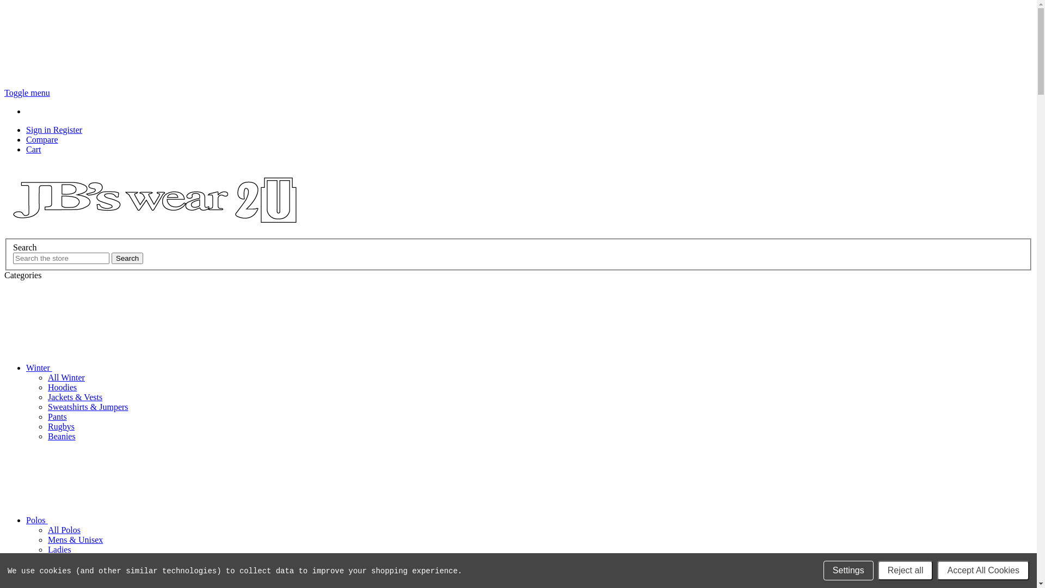 This screenshot has height=588, width=1045. What do you see at coordinates (127, 258) in the screenshot?
I see `'Search'` at bounding box center [127, 258].